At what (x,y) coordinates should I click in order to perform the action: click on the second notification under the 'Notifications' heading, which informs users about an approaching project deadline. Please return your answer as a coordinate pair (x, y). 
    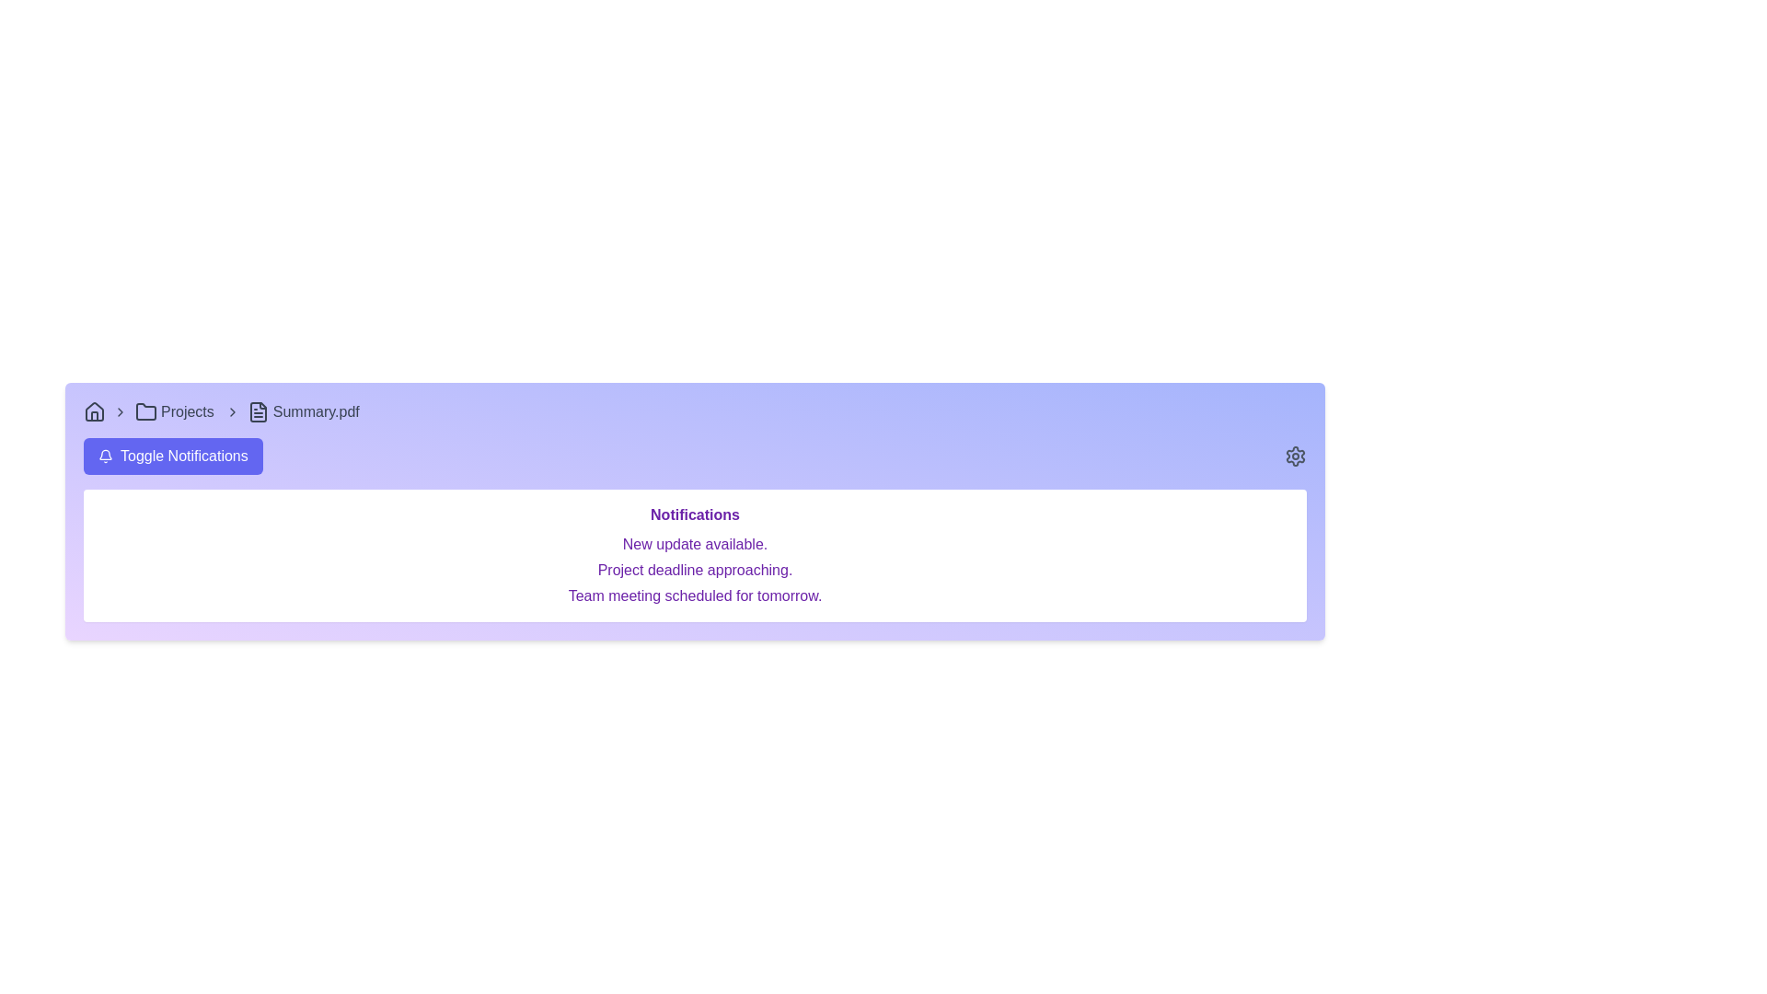
    Looking at the image, I should click on (694, 570).